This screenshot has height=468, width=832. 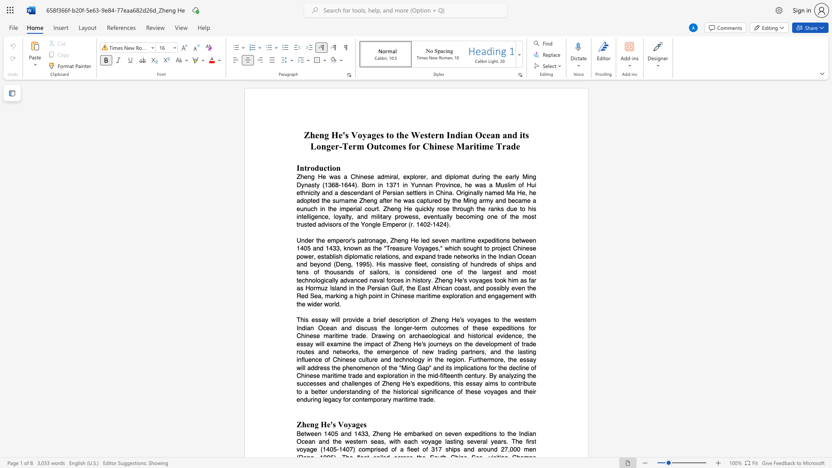 What do you see at coordinates (409, 176) in the screenshot?
I see `the subset text "plorer, and diplomat during the early Ming Dynasty (1368-1644). Born in 1371 in Yunnan Province, he was a Muslim o" within the text "Zheng He was a Chinese admiral, explorer, and diplomat during the early Ming Dynasty (1368-1644). Born in 1371 in Yunnan Province, he was a Muslim of Hui ethnicity and a descendant of Persian settlers in China. Originally named Ma He, he adopted the surname Zheng after he was captured by the Ming army and became a eunuch in the imperial court. Zheng He quickly rose through the ranks due to his intelligence, loyalty, and military prowess, eventually becoming one of the most trusted advisors of the Yongle Emperor (r. 1402-1424)."` at bounding box center [409, 176].